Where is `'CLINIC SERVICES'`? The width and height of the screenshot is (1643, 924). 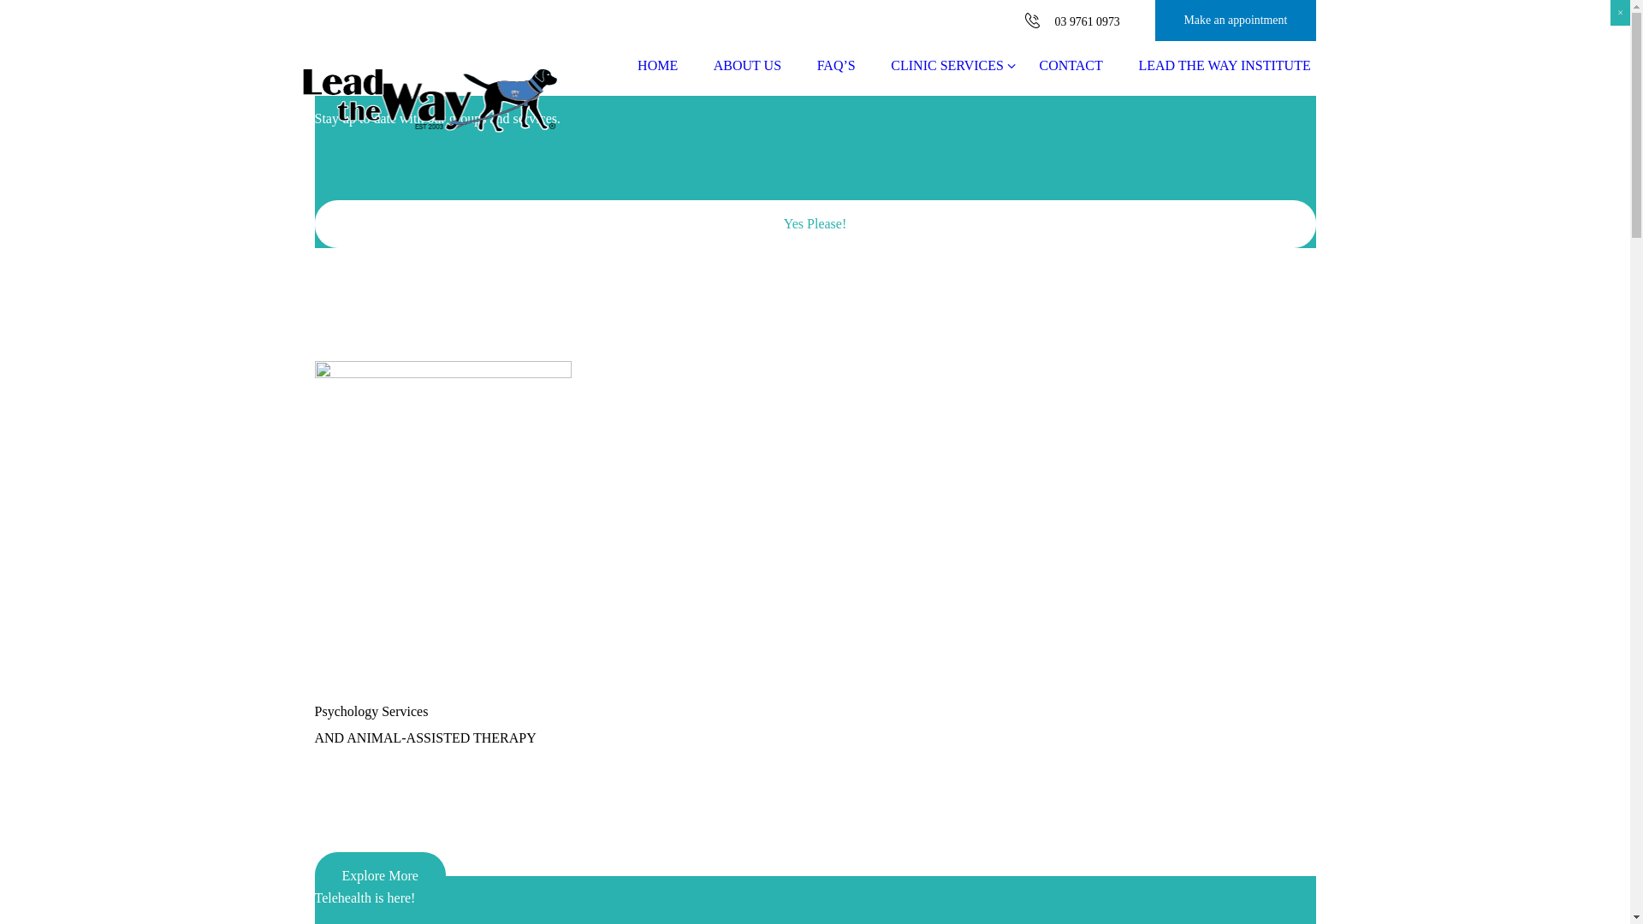
'CLINIC SERVICES' is located at coordinates (946, 65).